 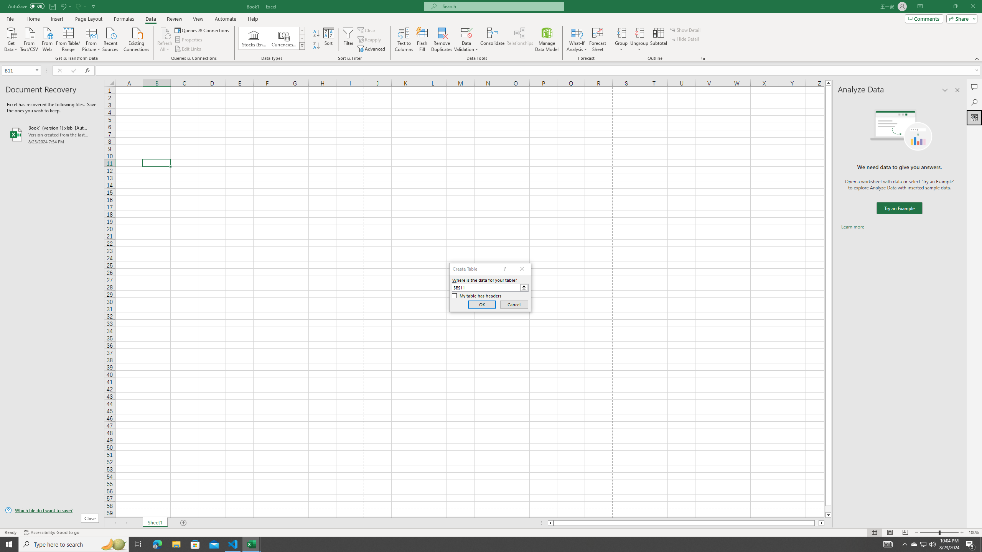 What do you see at coordinates (272, 38) in the screenshot?
I see `'AutomationID: ConvertToLinkedEntity'` at bounding box center [272, 38].